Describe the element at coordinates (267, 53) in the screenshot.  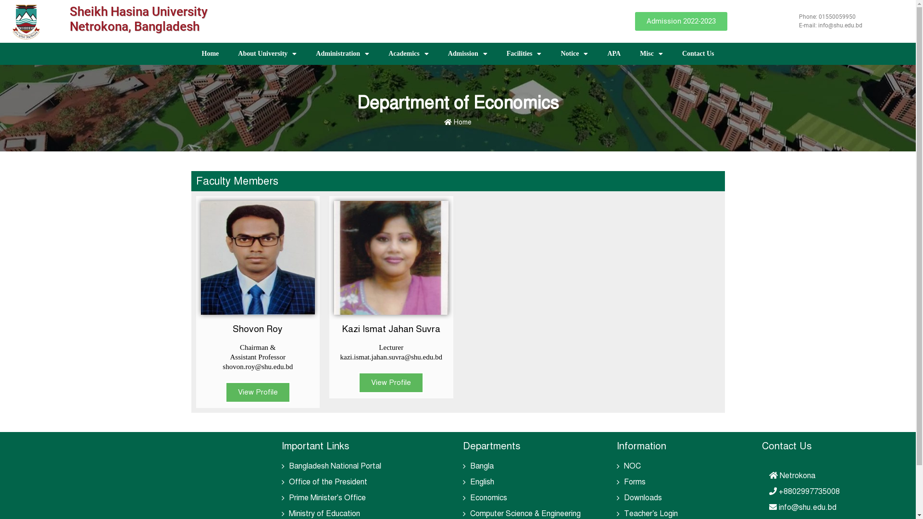
I see `'About University'` at that location.